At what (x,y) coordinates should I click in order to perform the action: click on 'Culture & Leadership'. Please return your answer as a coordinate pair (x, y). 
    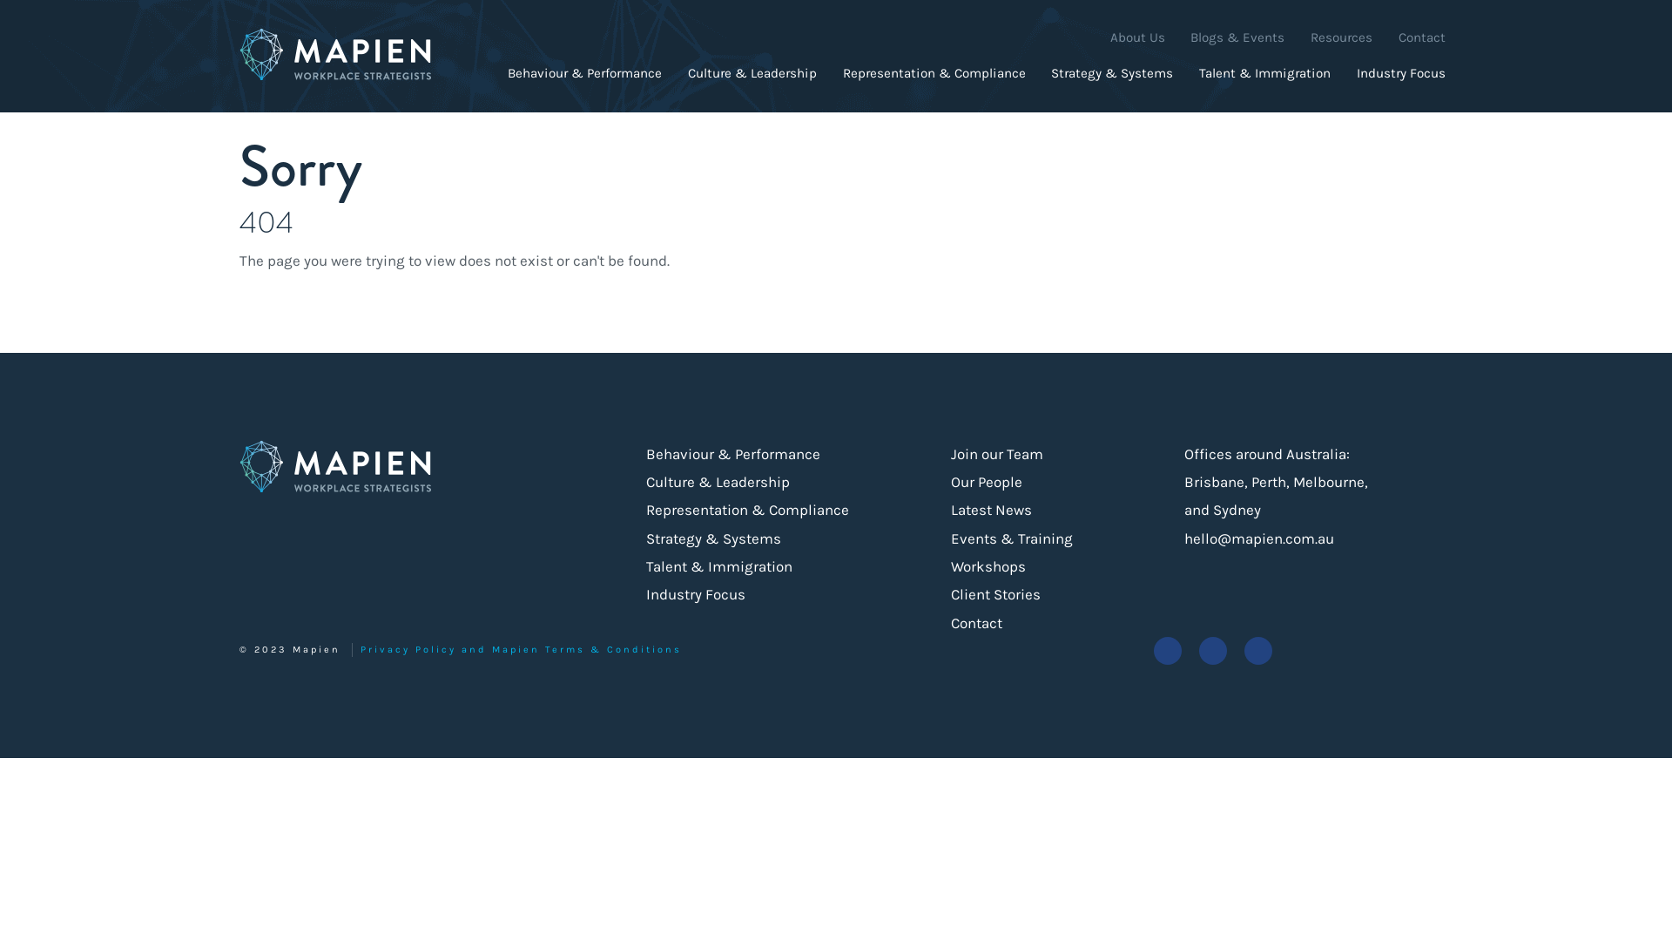
    Looking at the image, I should click on (718, 481).